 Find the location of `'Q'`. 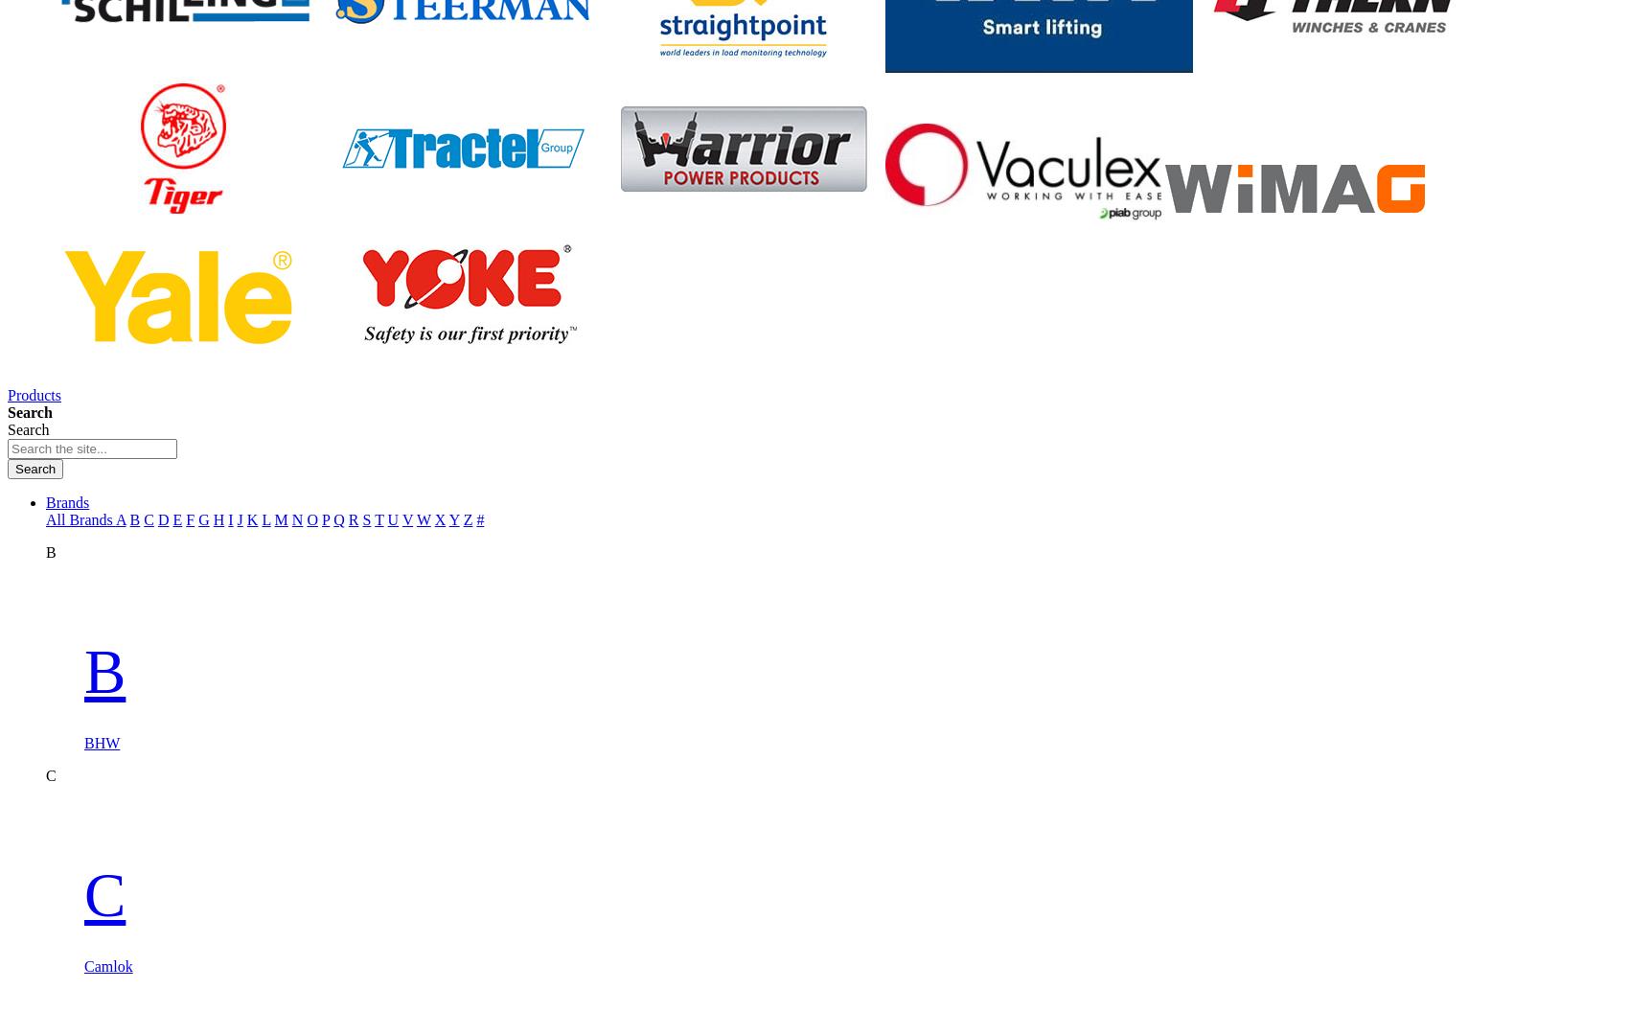

'Q' is located at coordinates (337, 518).